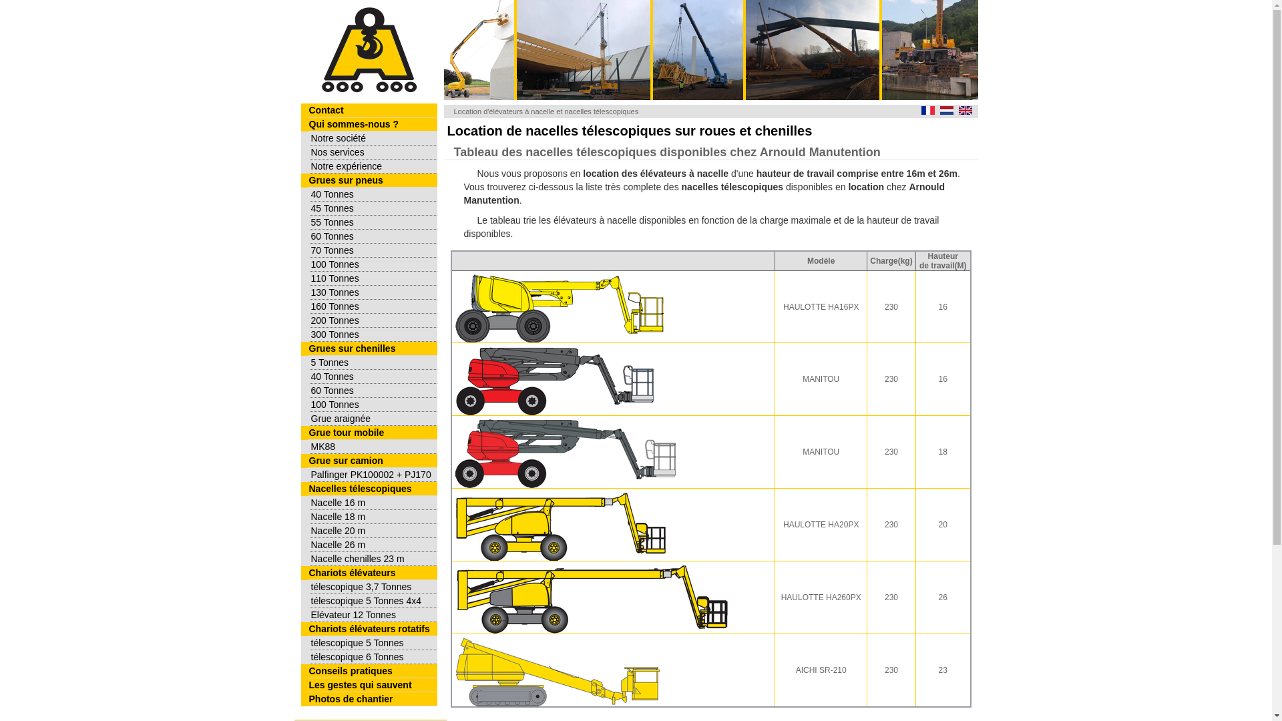 Image resolution: width=1282 pixels, height=721 pixels. What do you see at coordinates (373, 447) in the screenshot?
I see `'MK88'` at bounding box center [373, 447].